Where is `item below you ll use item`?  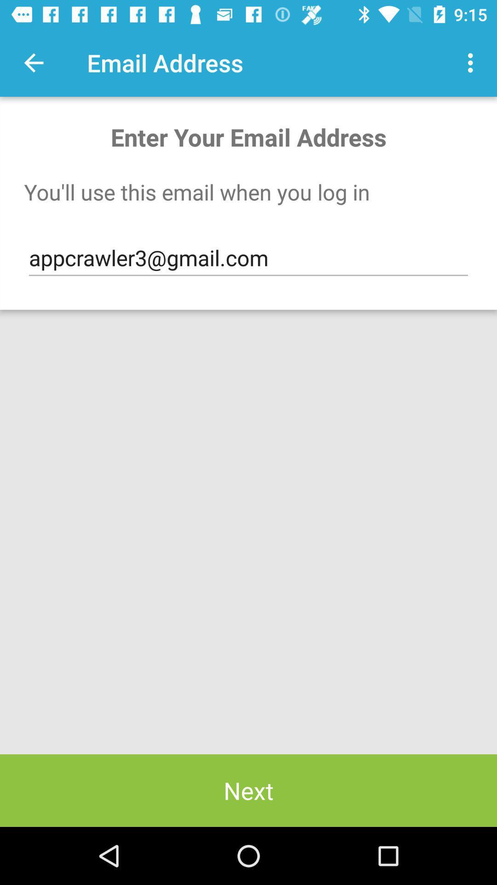
item below you ll use item is located at coordinates (248, 258).